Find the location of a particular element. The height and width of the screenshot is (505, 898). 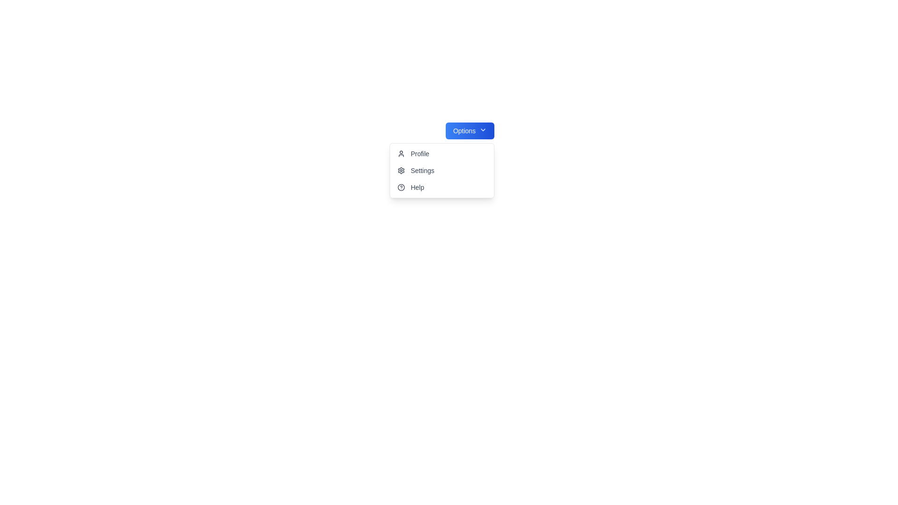

the outermost black circular stroke of the SVG Circle Graphic, which is part of a help indication icon located near the 'Help' menu item in the dropdown panel is located at coordinates (401, 188).